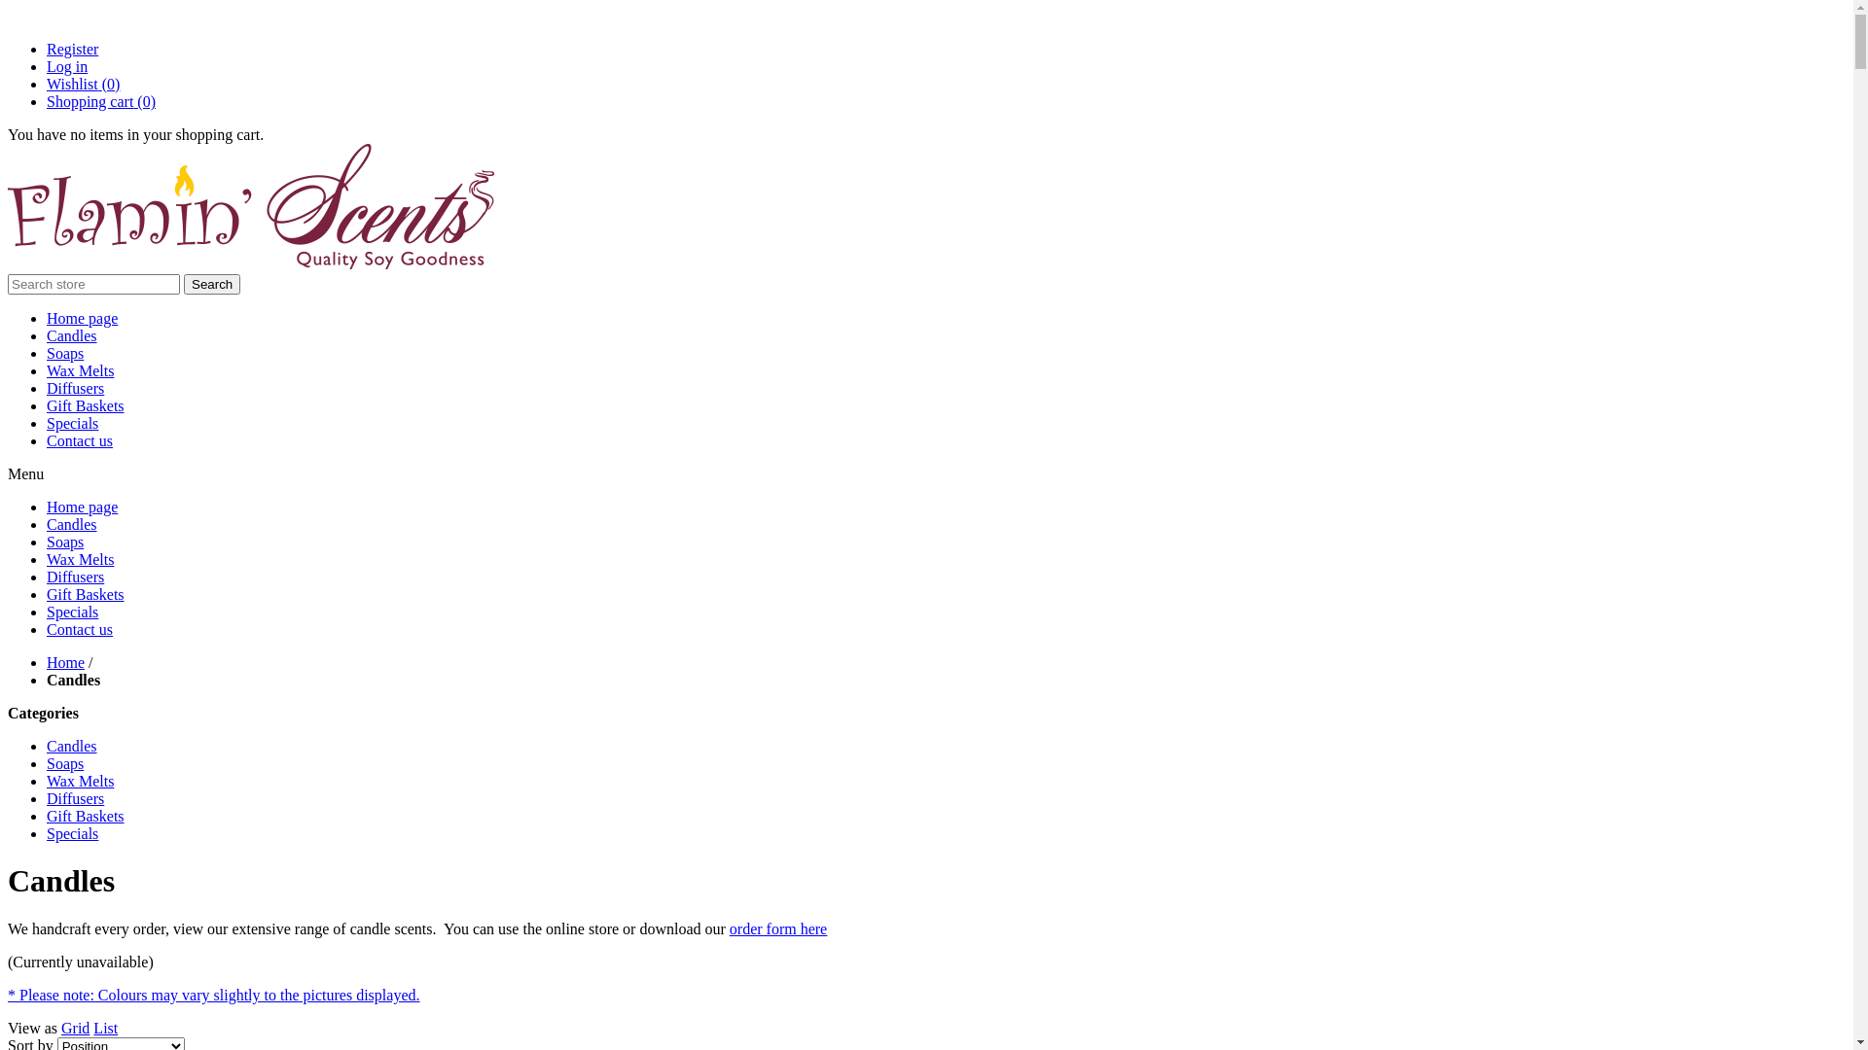  Describe the element at coordinates (75, 1027) in the screenshot. I see `'Grid'` at that location.